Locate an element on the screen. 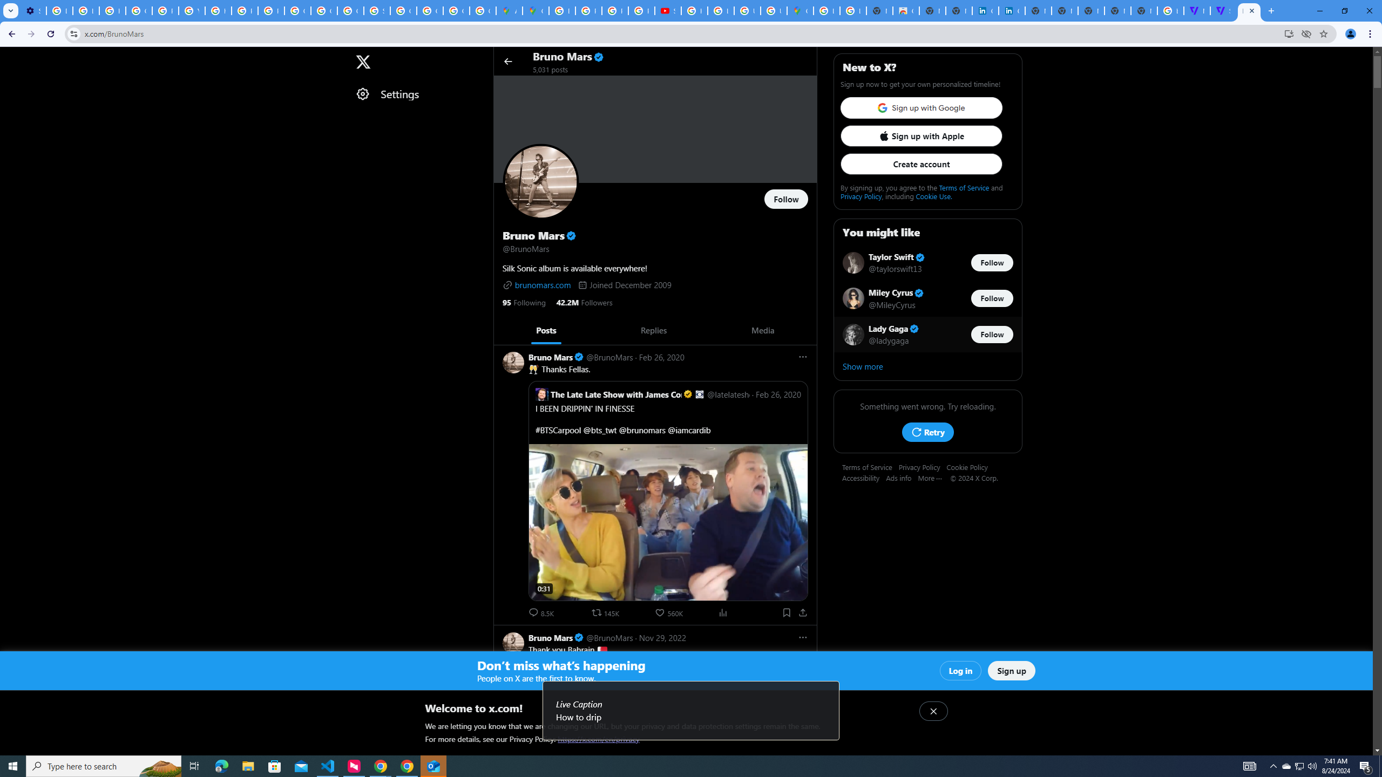 This screenshot has width=1382, height=777. 'Opens profile photo' is located at coordinates (541, 182).